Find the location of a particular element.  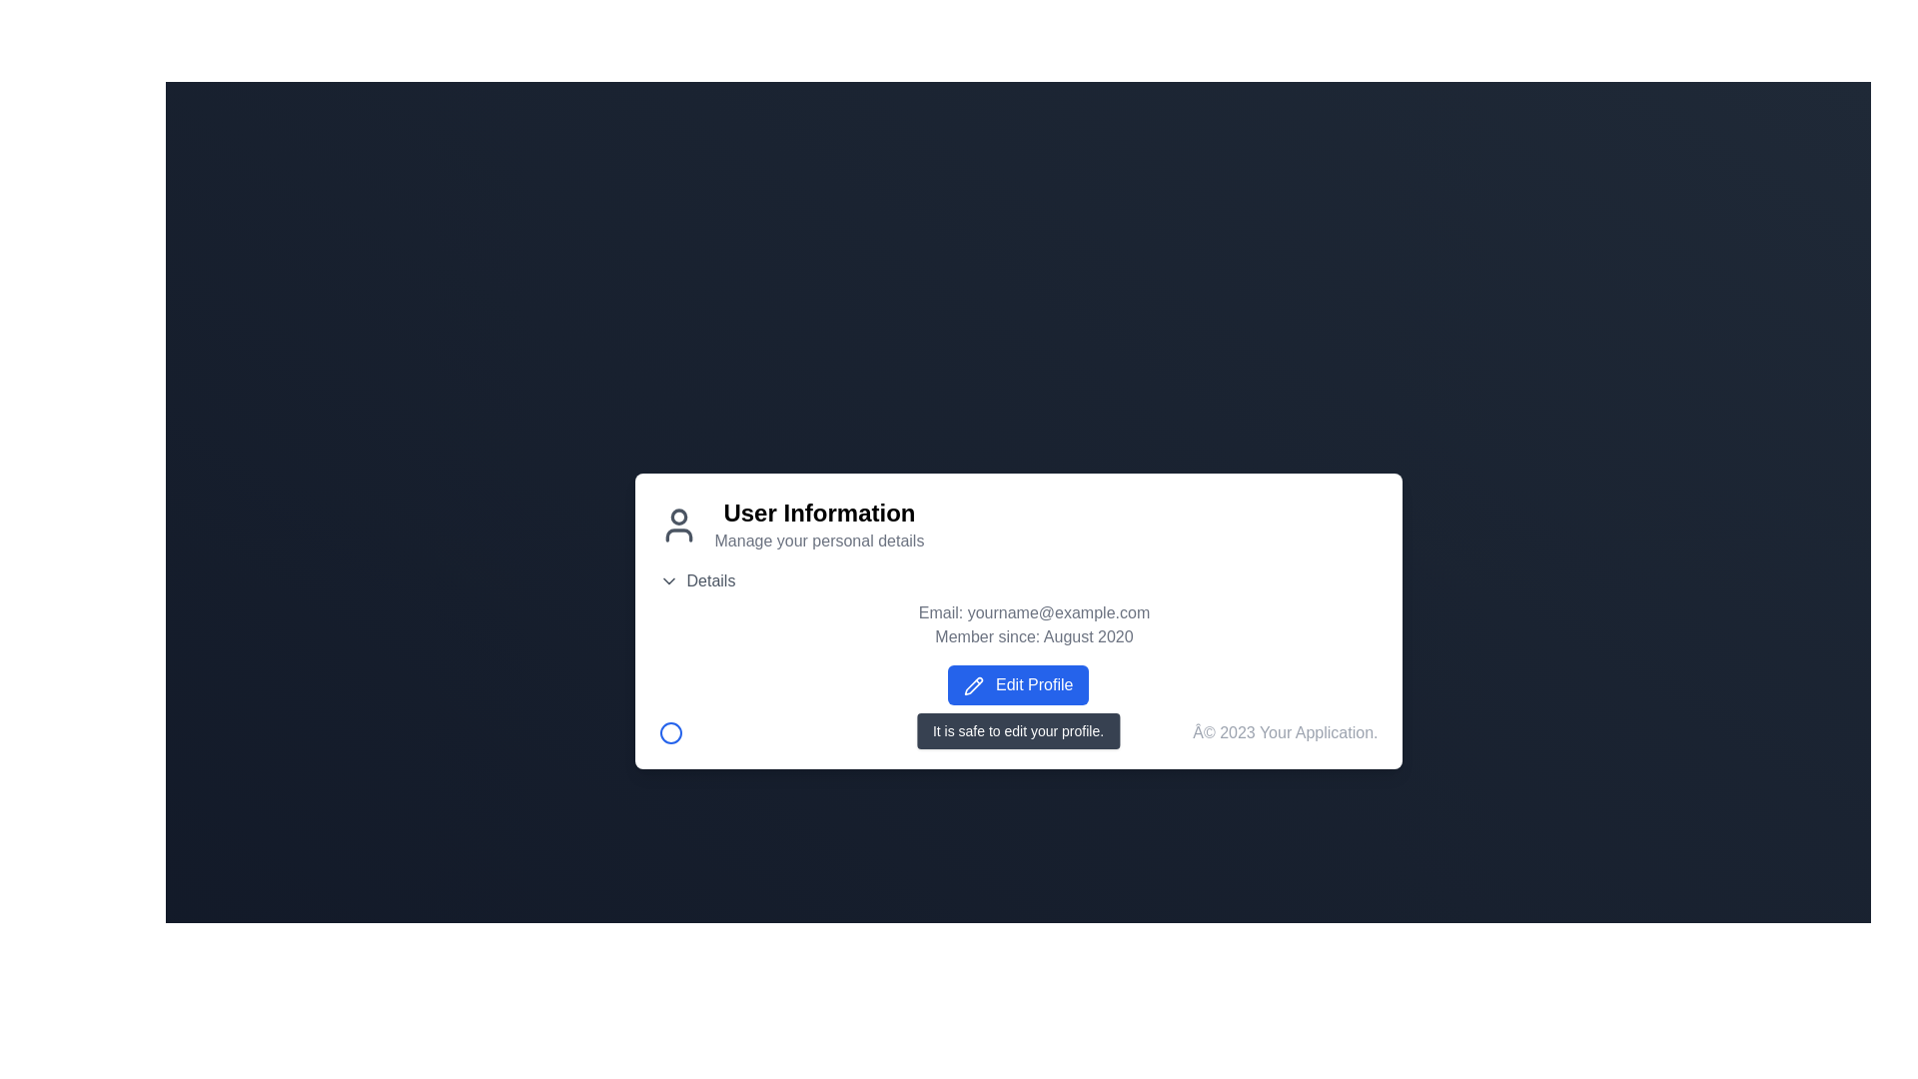

the button that initiates the editing of the user's profile details, located below the email and membership information and above the tooltip stating 'It is safe is located at coordinates (1018, 684).